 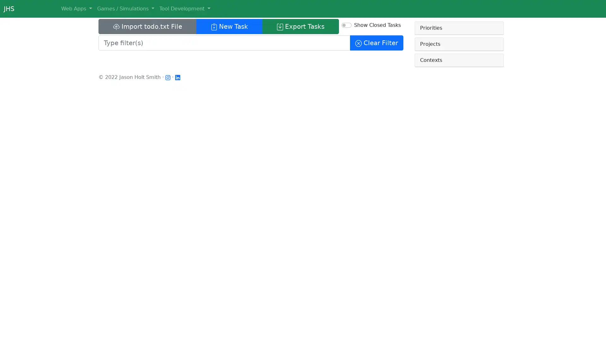 I want to click on clear filter, so click(x=377, y=43).